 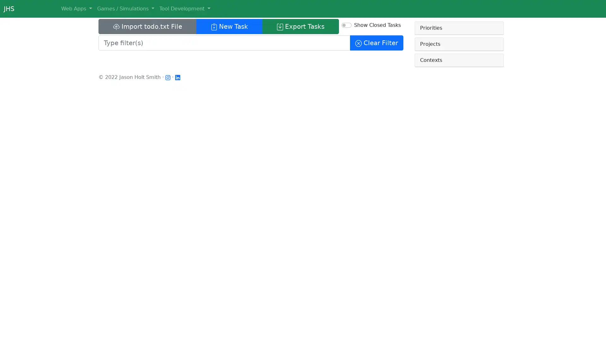 I want to click on clear filter, so click(x=377, y=43).